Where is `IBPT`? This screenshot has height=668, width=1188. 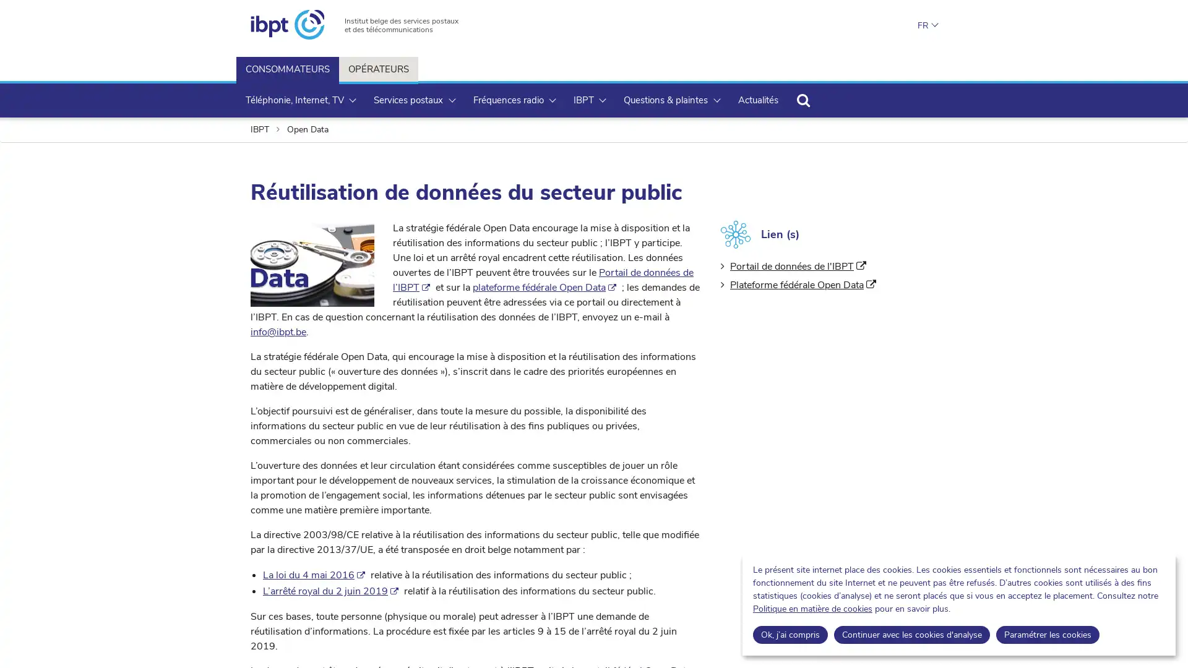
IBPT is located at coordinates (588, 100).